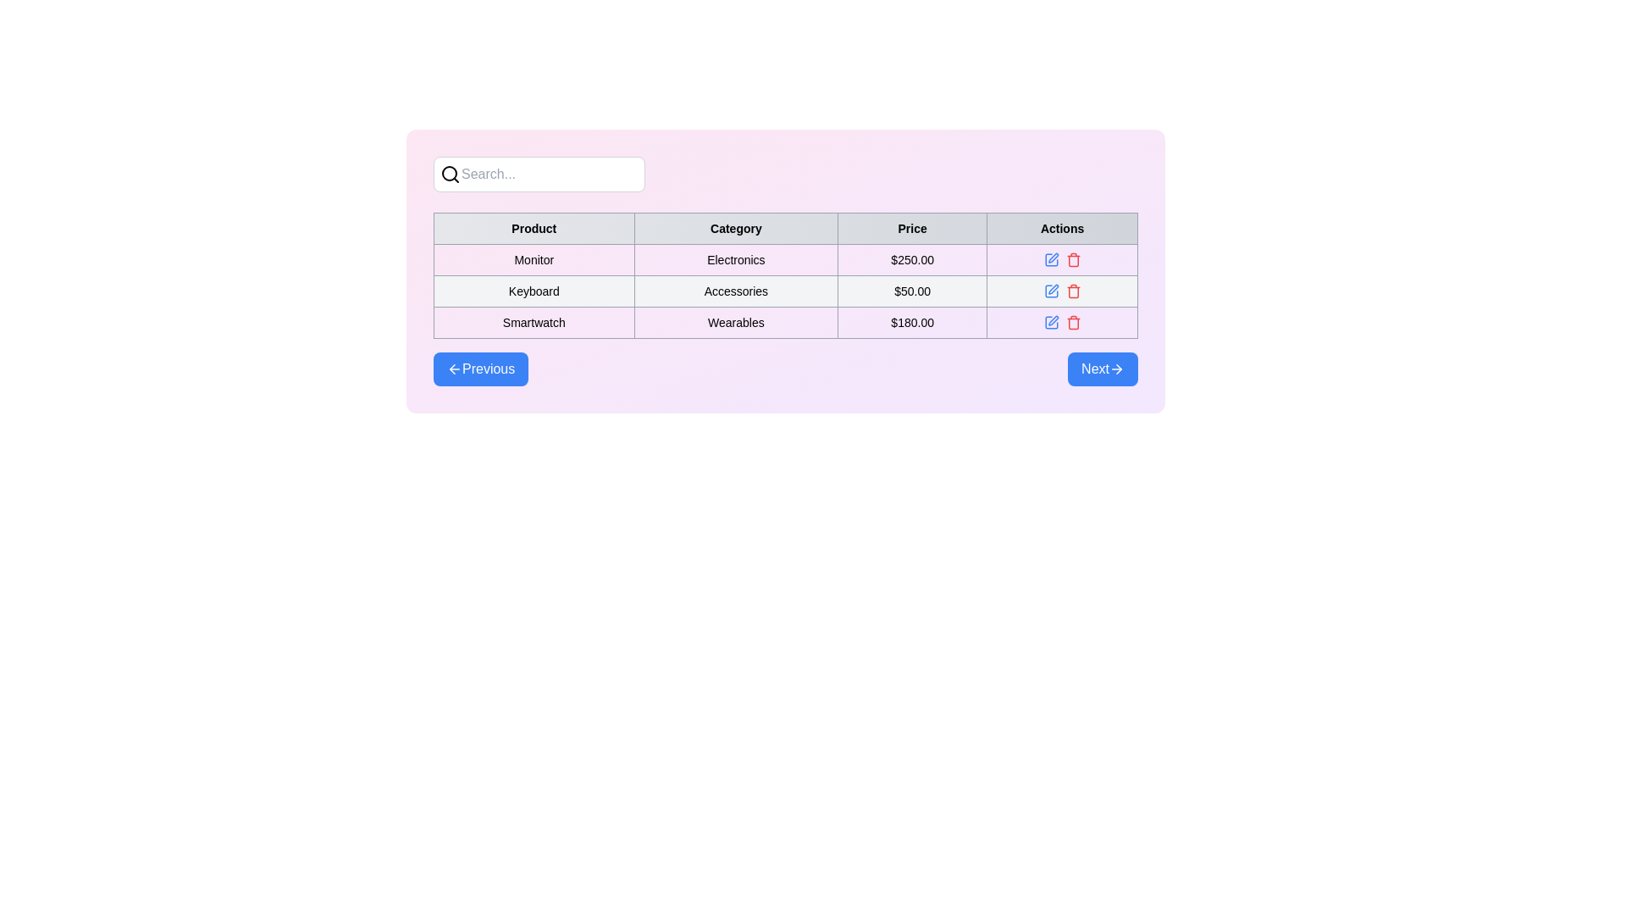  What do you see at coordinates (1050, 323) in the screenshot?
I see `the edit icon button in the 'Actions' column of the last table row` at bounding box center [1050, 323].